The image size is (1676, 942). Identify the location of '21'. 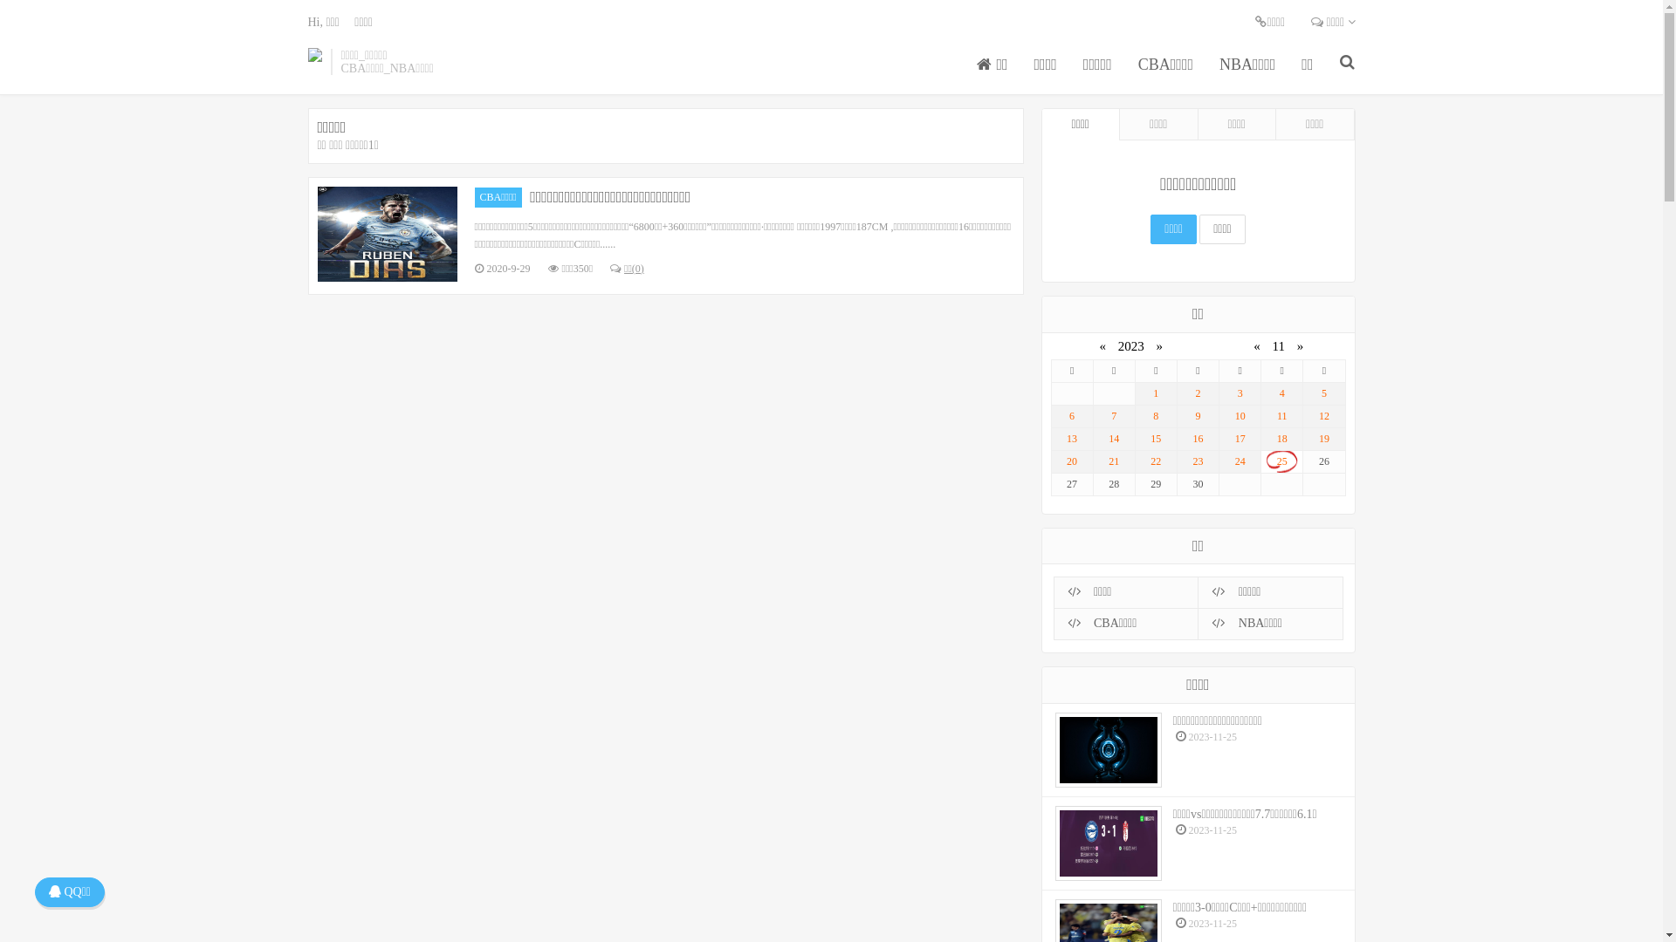
(1096, 461).